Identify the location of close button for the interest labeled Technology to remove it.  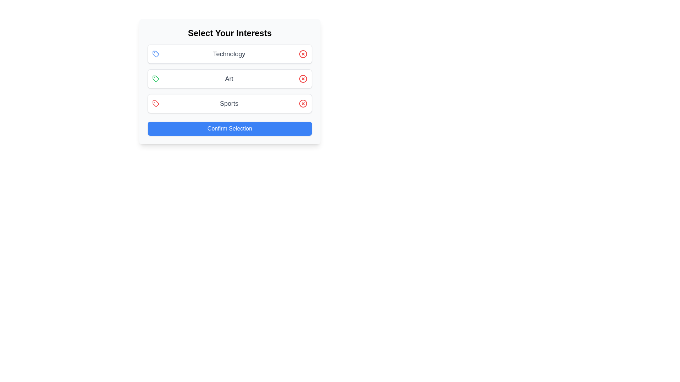
(303, 54).